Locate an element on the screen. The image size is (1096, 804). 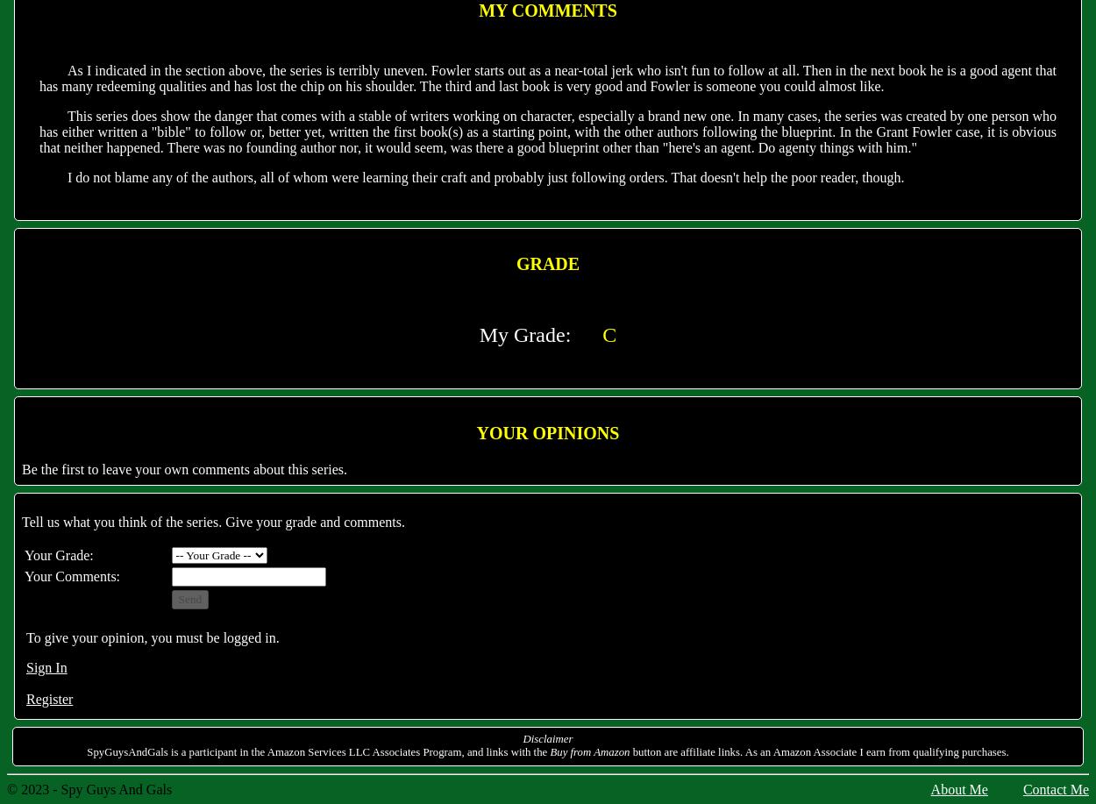
'Register' is located at coordinates (49, 699).